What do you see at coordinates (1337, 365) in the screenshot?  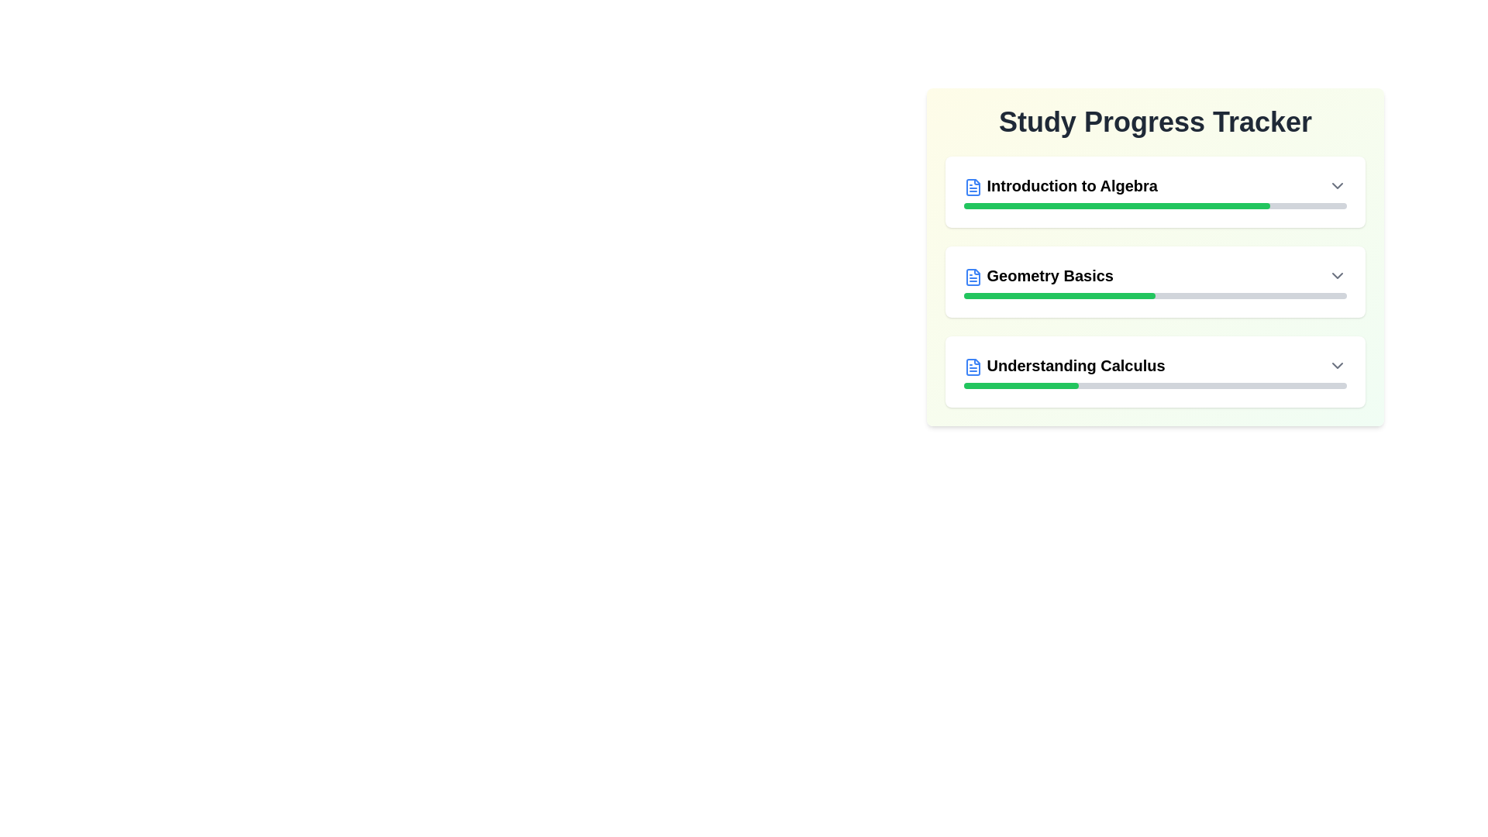 I see `the downward-facing chevron icon that is the interactive dropdown toggle located to the right of the text 'Understanding Calculus'` at bounding box center [1337, 365].